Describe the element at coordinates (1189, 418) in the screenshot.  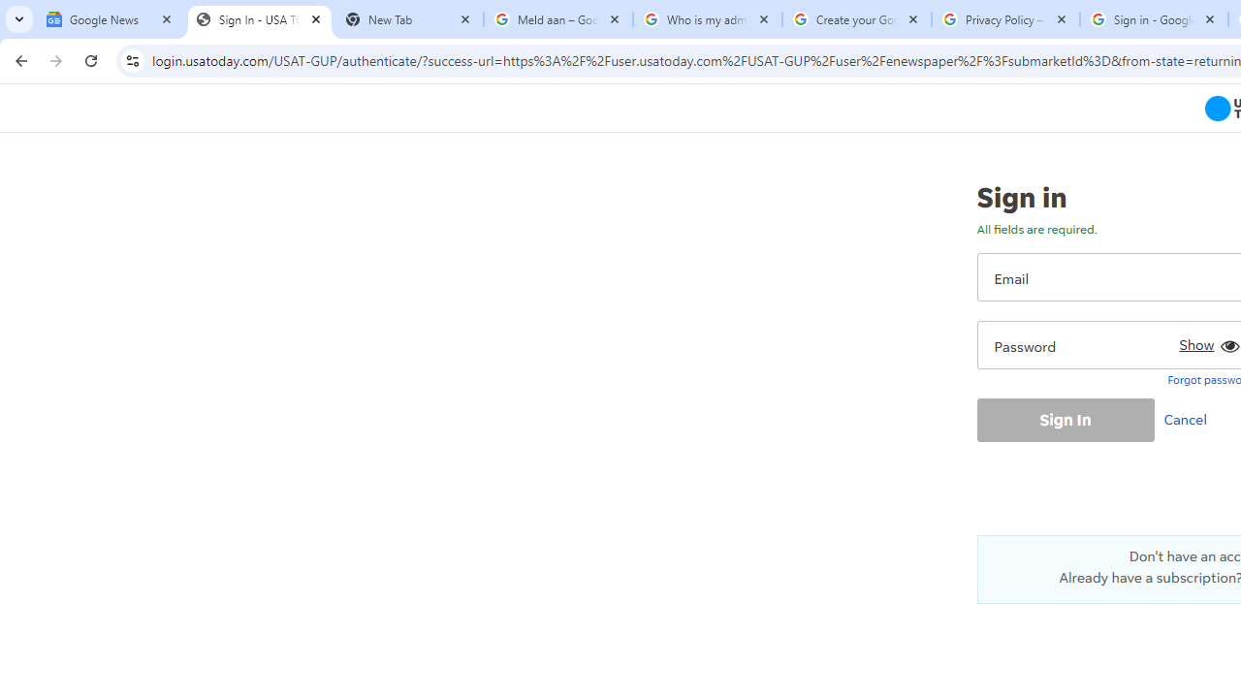
I see `'Cancel'` at that location.